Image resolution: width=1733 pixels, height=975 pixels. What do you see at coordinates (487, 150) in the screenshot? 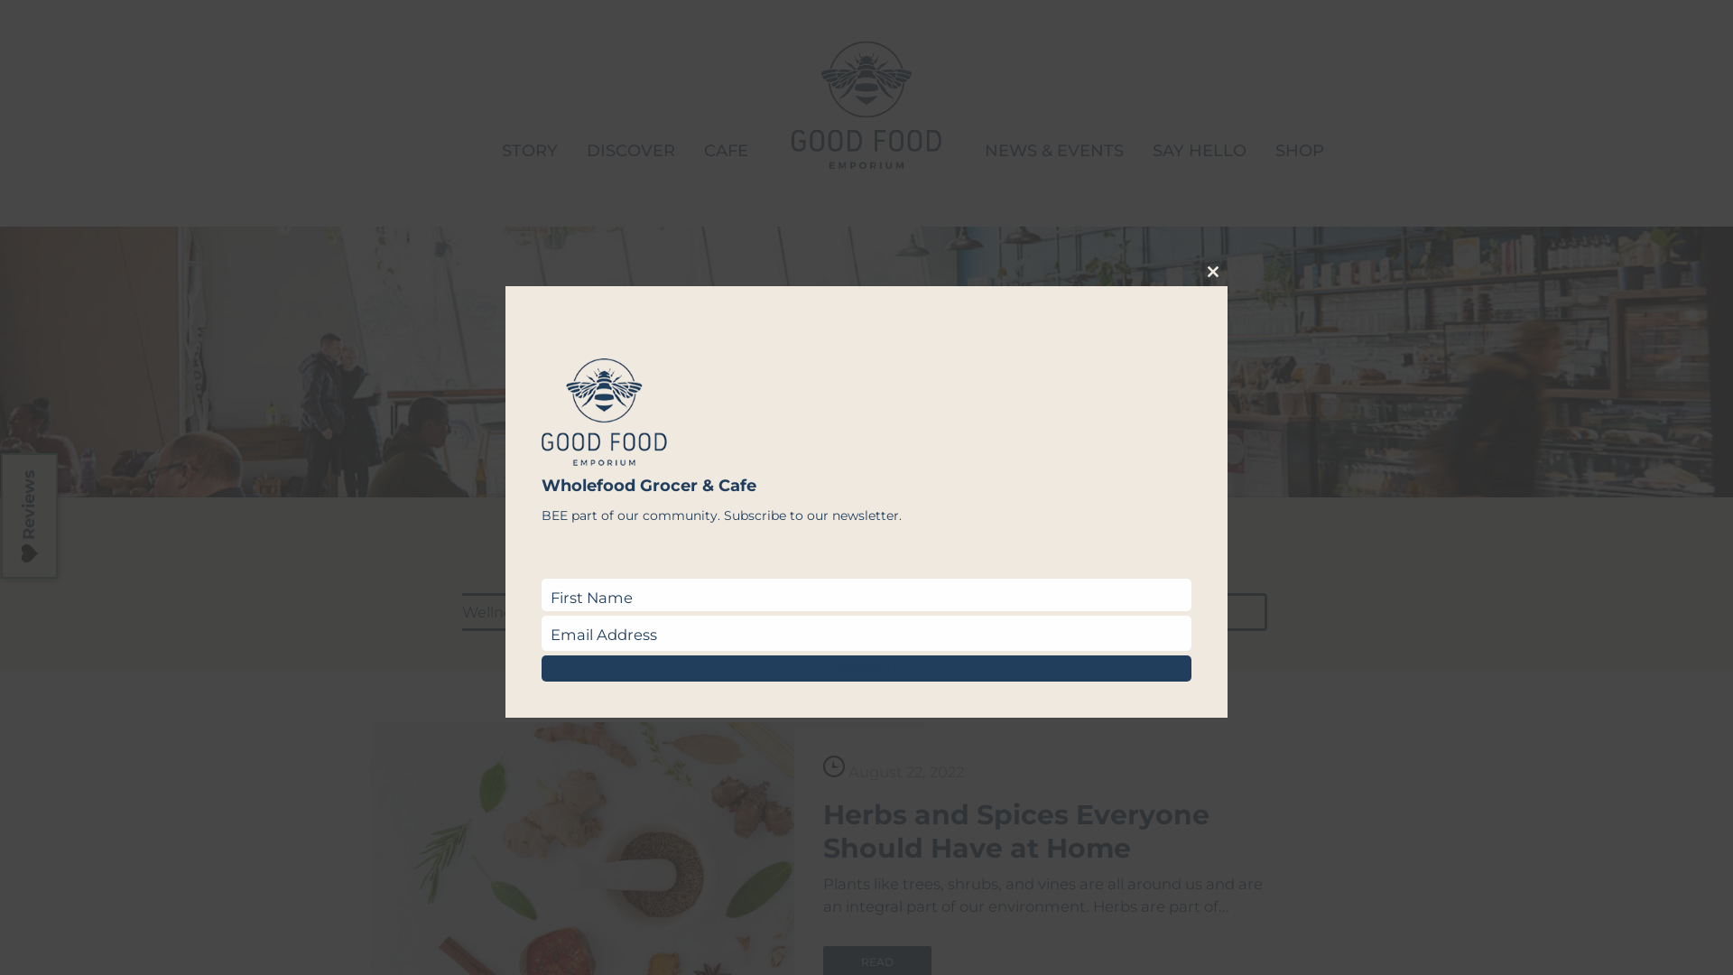
I see `'STORY'` at bounding box center [487, 150].